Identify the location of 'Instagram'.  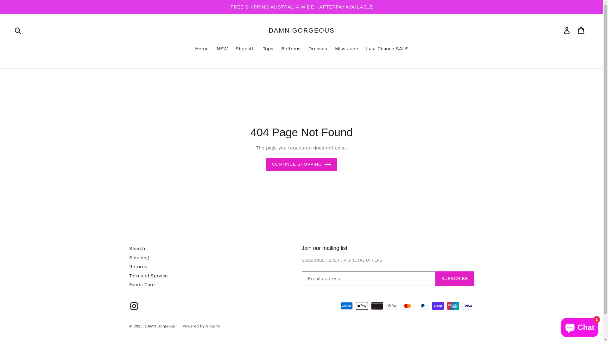
(134, 306).